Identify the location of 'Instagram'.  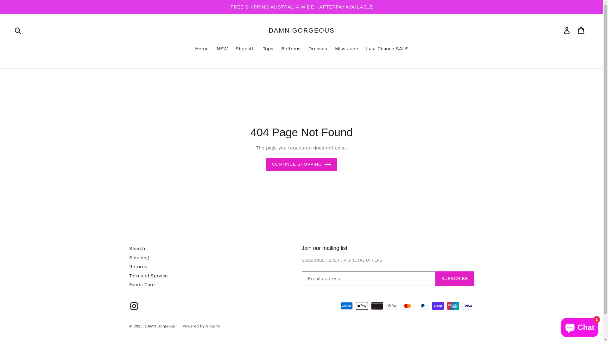
(134, 306).